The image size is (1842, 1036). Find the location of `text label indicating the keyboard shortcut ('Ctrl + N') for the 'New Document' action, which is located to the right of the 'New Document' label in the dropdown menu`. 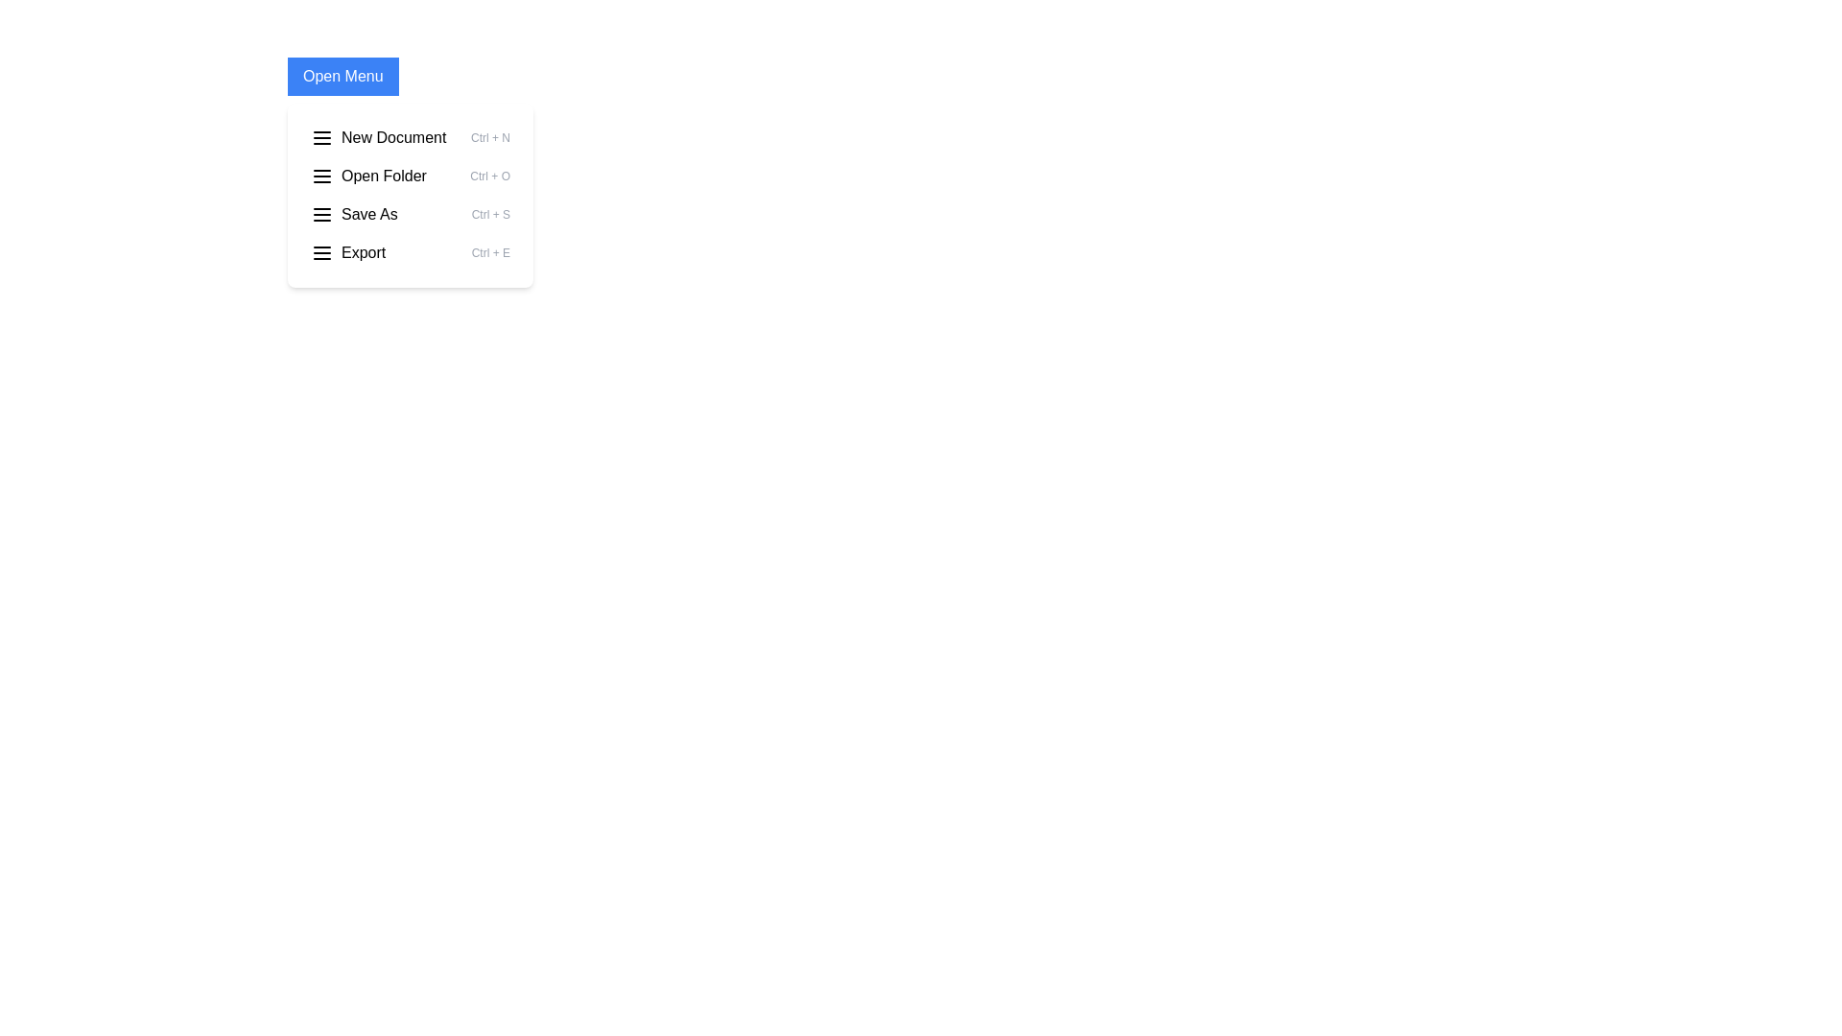

text label indicating the keyboard shortcut ('Ctrl + N') for the 'New Document' action, which is located to the right of the 'New Document' label in the dropdown menu is located at coordinates (490, 136).